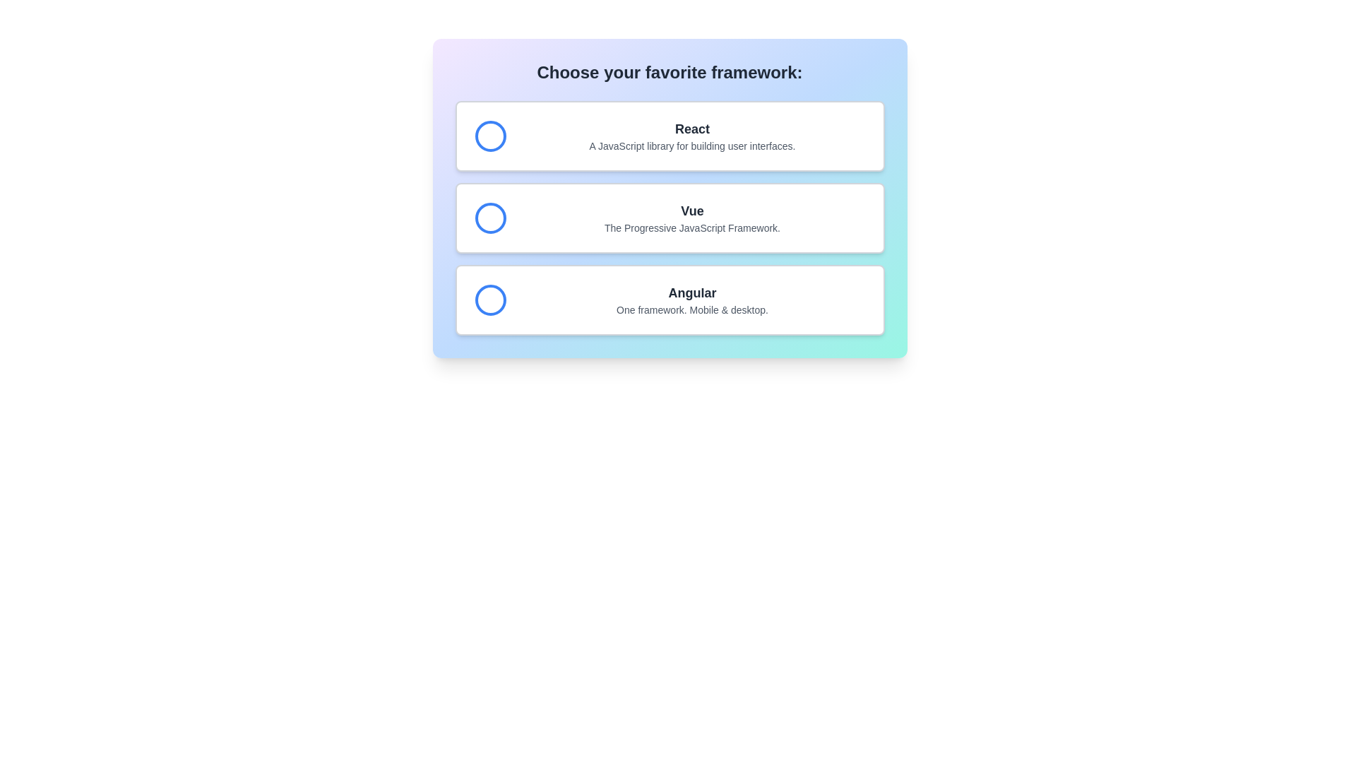  I want to click on text element that displays 'A JavaScript library for building user interfaces.' located below the title 'React', so click(692, 146).